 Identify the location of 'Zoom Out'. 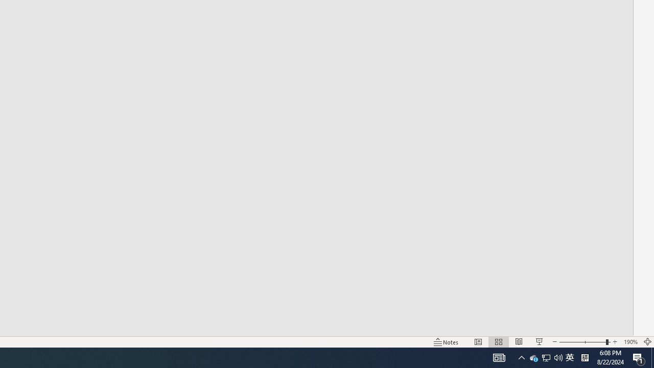
(582, 342).